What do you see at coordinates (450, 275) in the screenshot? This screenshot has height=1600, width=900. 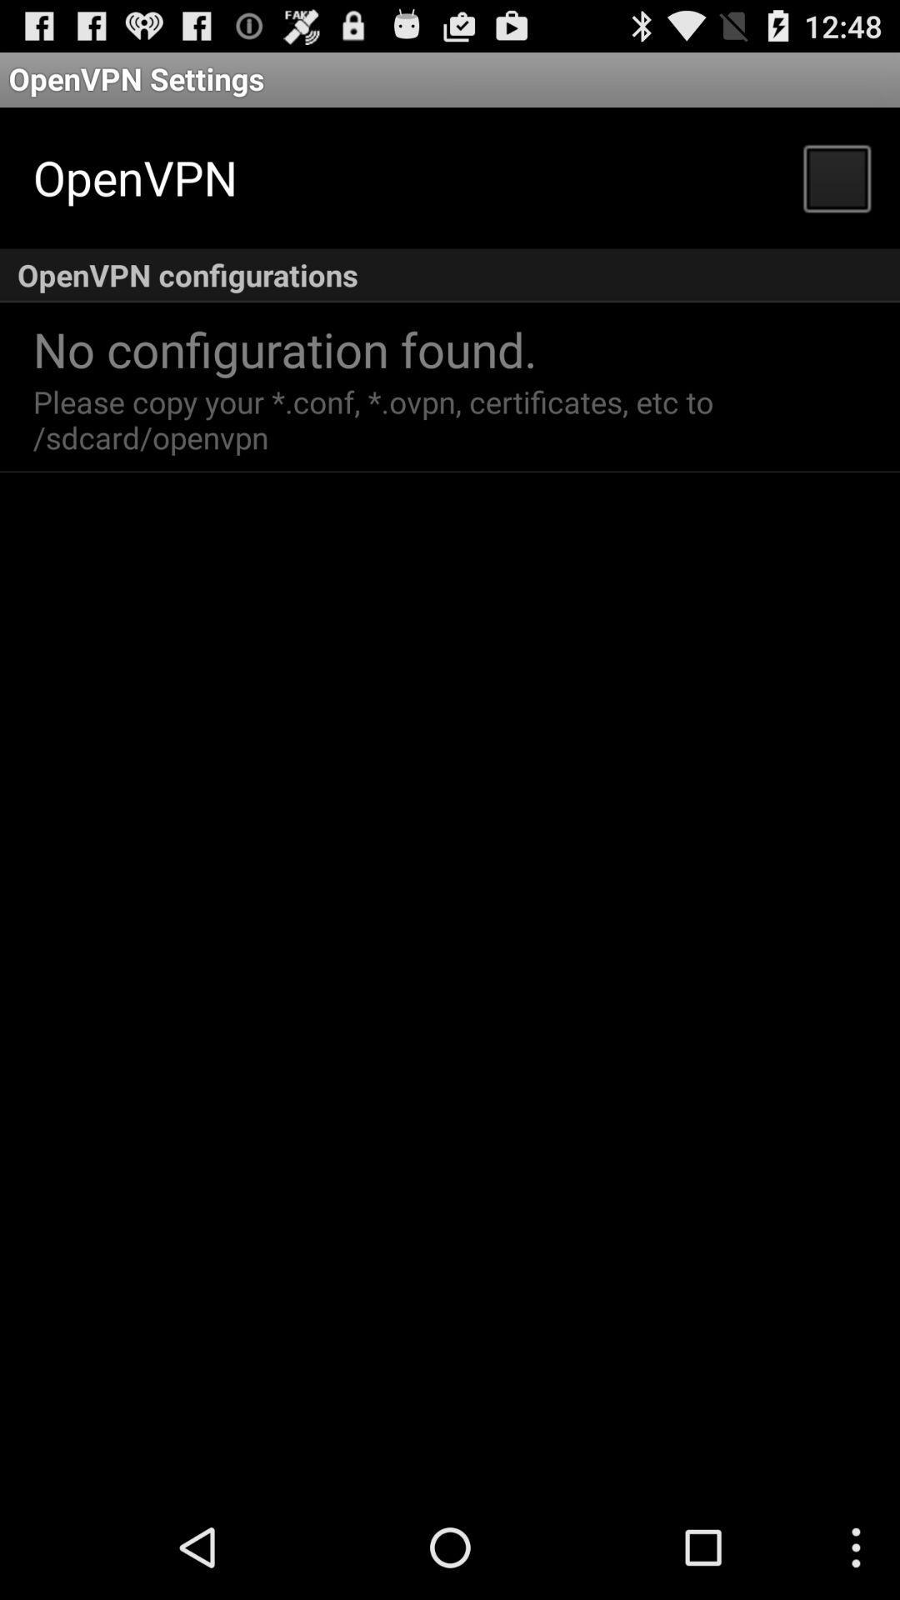 I see `the app above no configuration found. app` at bounding box center [450, 275].